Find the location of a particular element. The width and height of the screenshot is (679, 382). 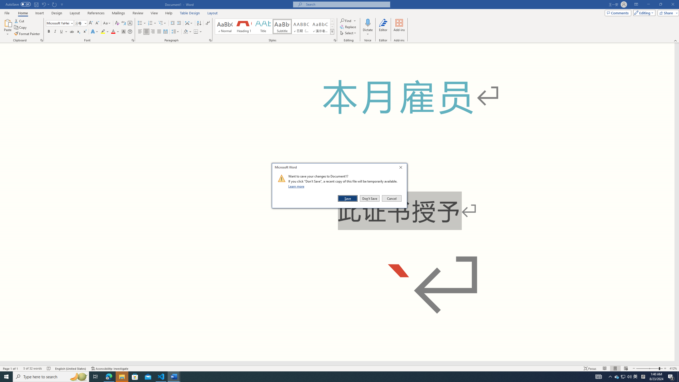

'Notification Chevron' is located at coordinates (610, 376).